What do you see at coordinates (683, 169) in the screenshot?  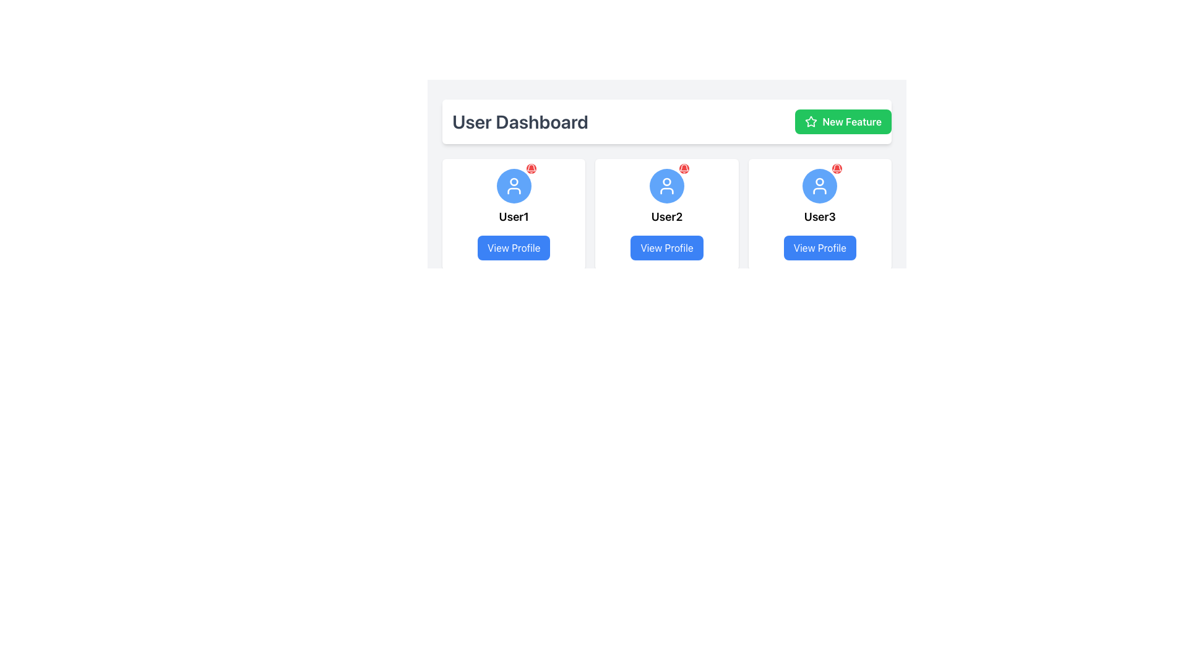 I see `the Notification Icon, which is a small bell-shaped SVG with a red background located in the top-right corner of the second user profile card` at bounding box center [683, 169].